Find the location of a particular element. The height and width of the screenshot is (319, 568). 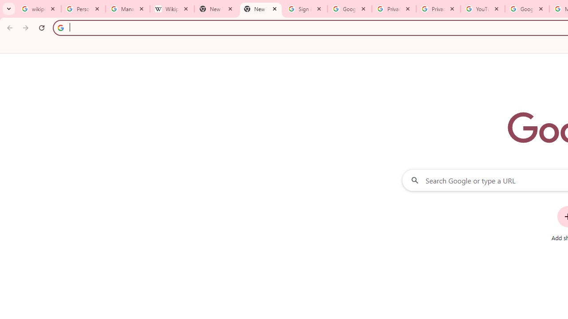

'Google Drive: Sign-in' is located at coordinates (349, 9).